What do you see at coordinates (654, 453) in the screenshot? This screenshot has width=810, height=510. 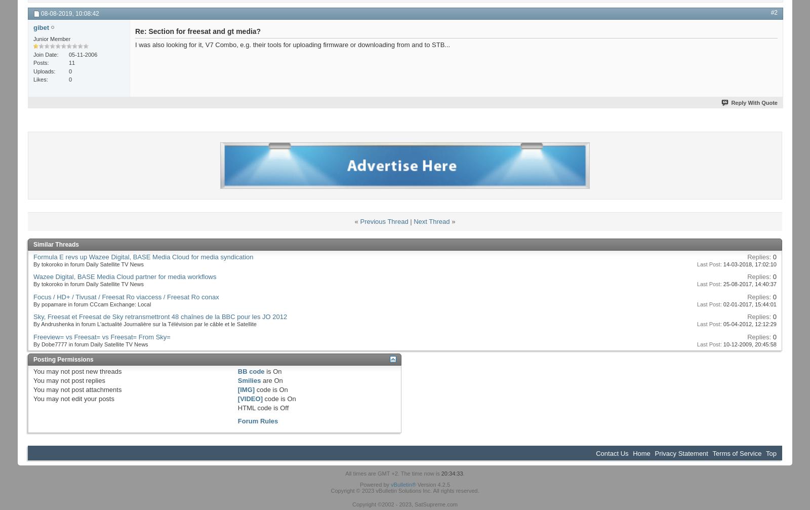 I see `'Privacy Statement'` at bounding box center [654, 453].